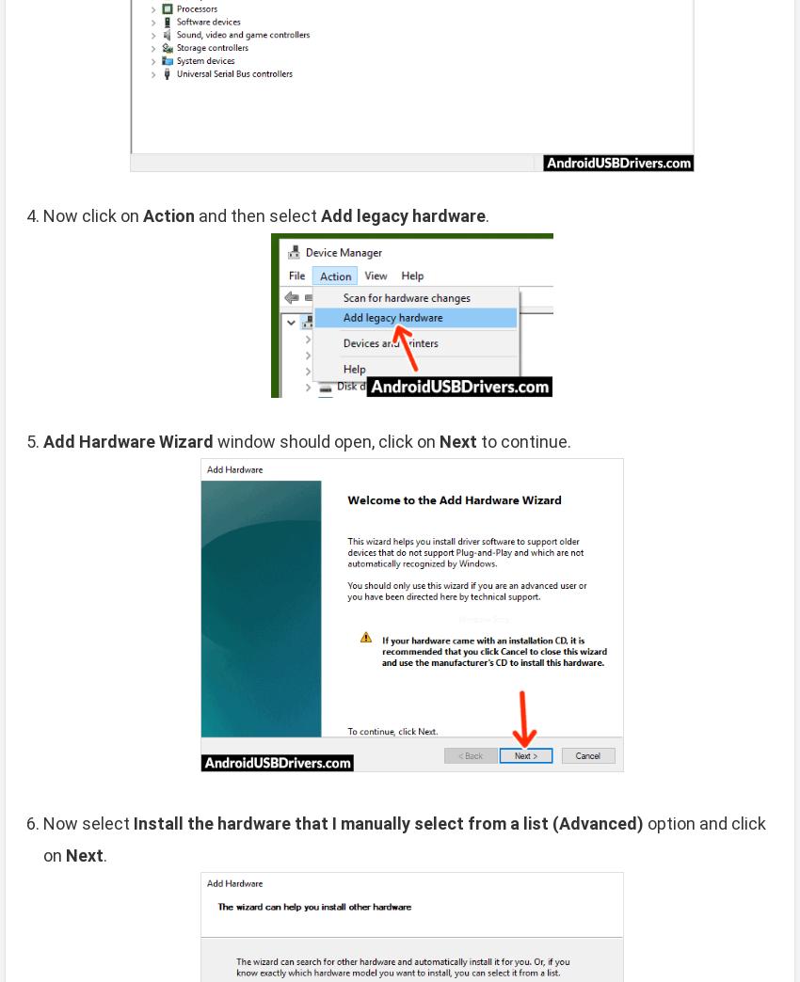  I want to click on 'window should open, click on', so click(214, 441).